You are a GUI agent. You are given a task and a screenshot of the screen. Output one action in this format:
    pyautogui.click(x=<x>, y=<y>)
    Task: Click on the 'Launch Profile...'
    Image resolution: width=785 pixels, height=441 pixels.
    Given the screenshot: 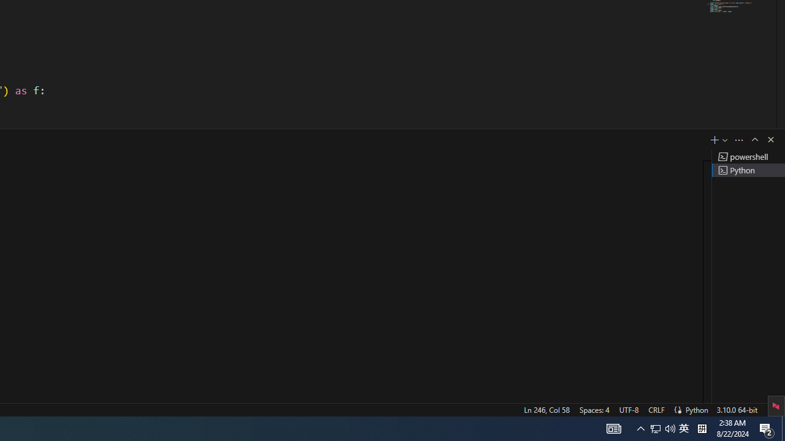 What is the action you would take?
    pyautogui.click(x=725, y=139)
    